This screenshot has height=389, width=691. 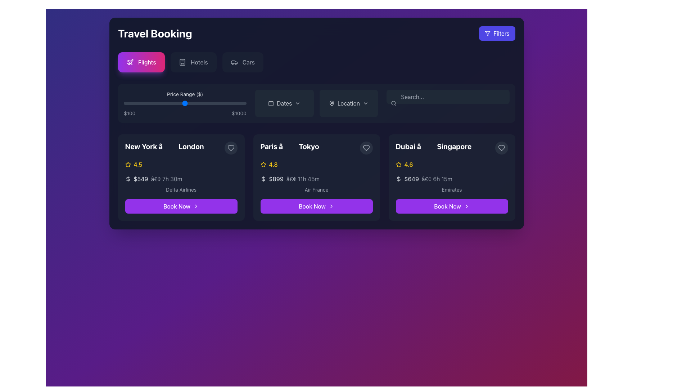 I want to click on numeric rating value displayed for the travel route 'Paris â Tokyo', which is located immediately to the right of the yellow star icon in the top-left portion of the card, so click(x=273, y=164).